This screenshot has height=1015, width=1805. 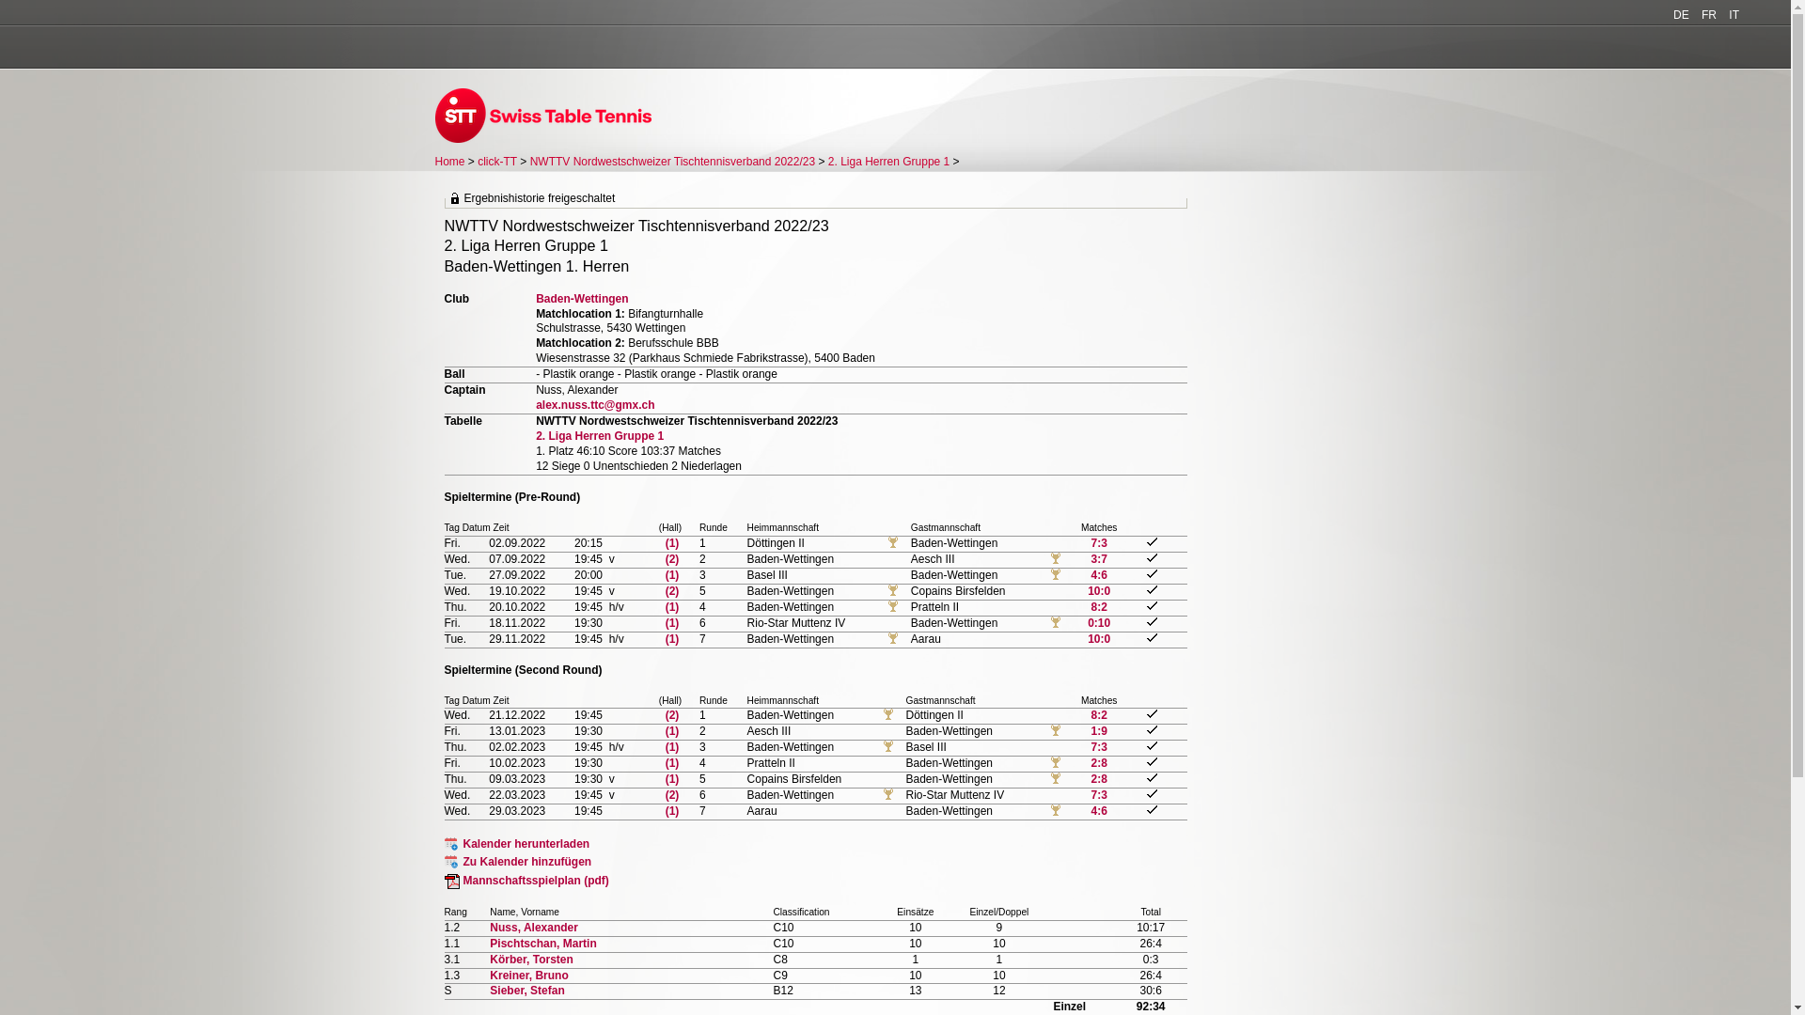 What do you see at coordinates (672, 779) in the screenshot?
I see `'(1)'` at bounding box center [672, 779].